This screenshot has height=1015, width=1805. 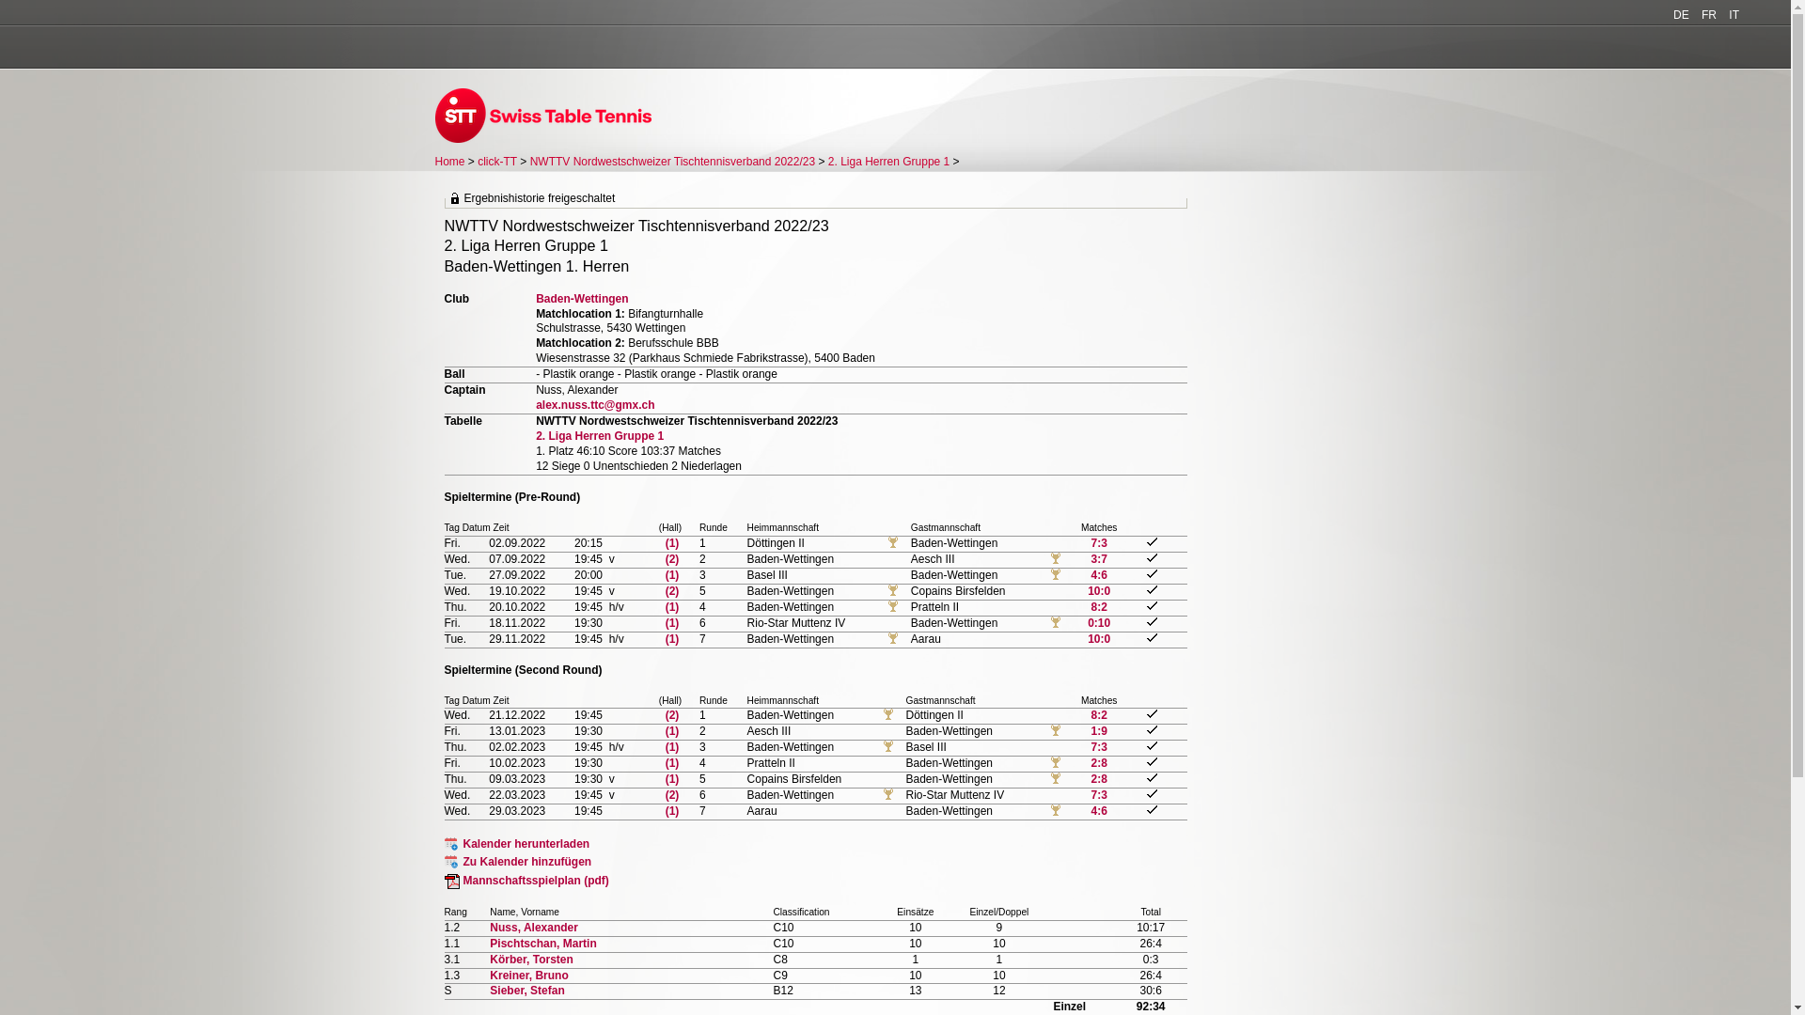 What do you see at coordinates (672, 779) in the screenshot?
I see `'(1)'` at bounding box center [672, 779].